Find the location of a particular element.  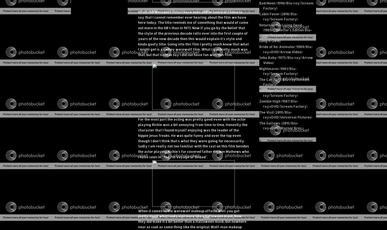

'The Gallows (2015/Blu-ray+DVD/Warner Bros.)' is located at coordinates (259, 125).